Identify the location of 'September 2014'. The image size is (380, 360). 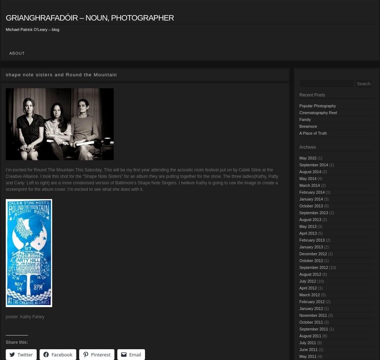
(313, 164).